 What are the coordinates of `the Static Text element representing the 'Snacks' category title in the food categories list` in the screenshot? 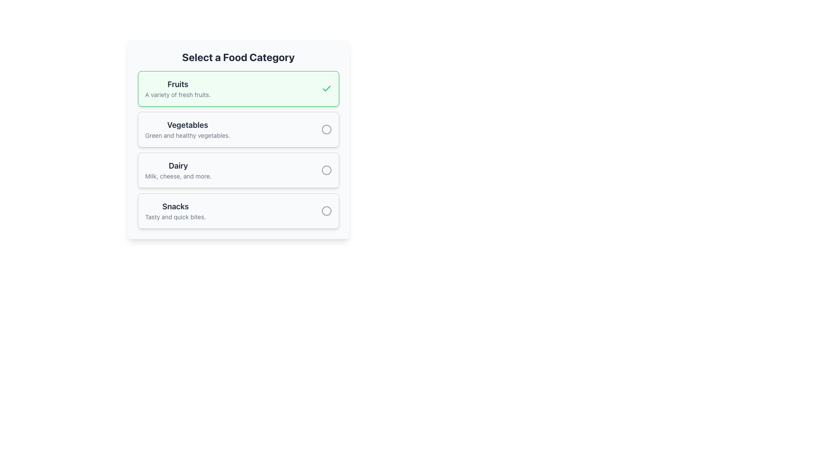 It's located at (175, 207).